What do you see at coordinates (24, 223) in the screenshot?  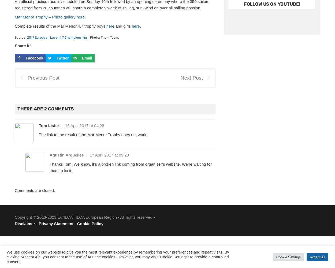 I see `'Disclaimer'` at bounding box center [24, 223].